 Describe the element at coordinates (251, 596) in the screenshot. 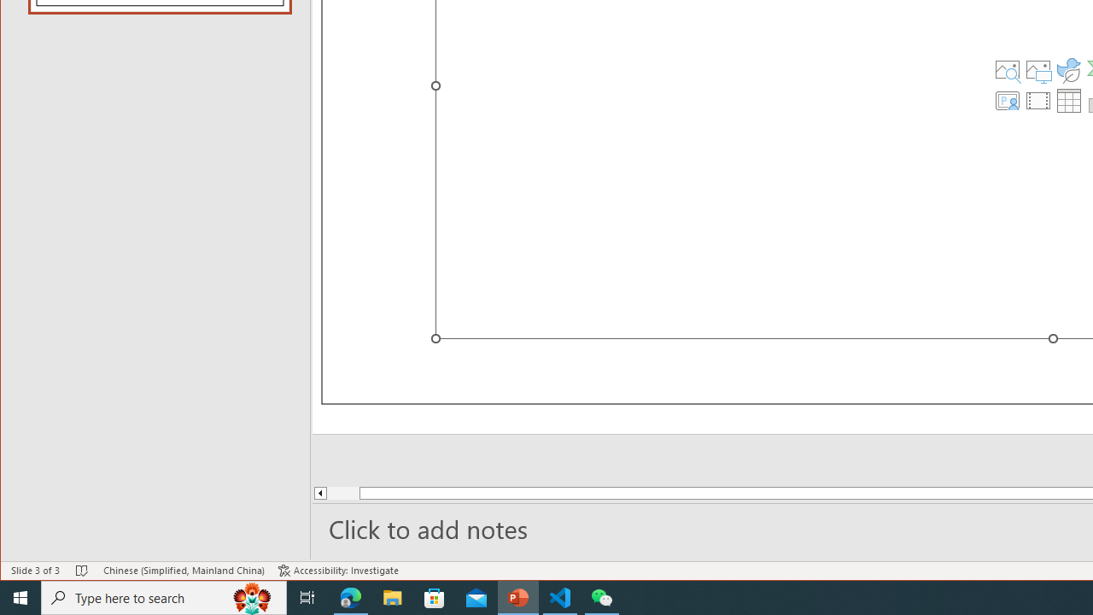

I see `'Search highlights icon opens search home window'` at that location.